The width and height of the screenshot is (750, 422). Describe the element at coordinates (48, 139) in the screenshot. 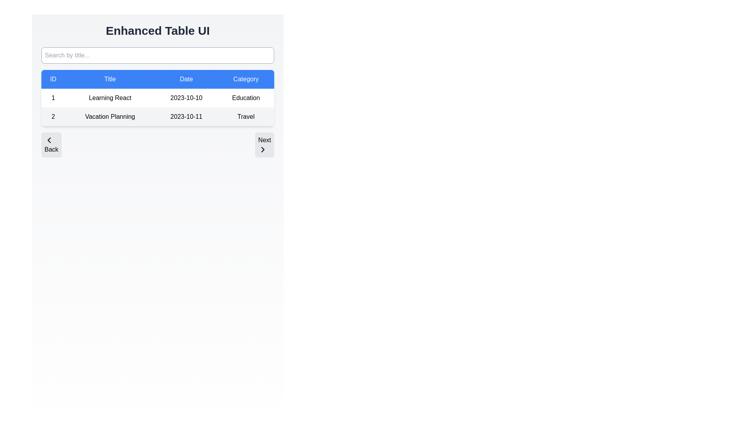

I see `the chevron icon located in the bottom-left area of the interface within the 'Back' button` at that location.